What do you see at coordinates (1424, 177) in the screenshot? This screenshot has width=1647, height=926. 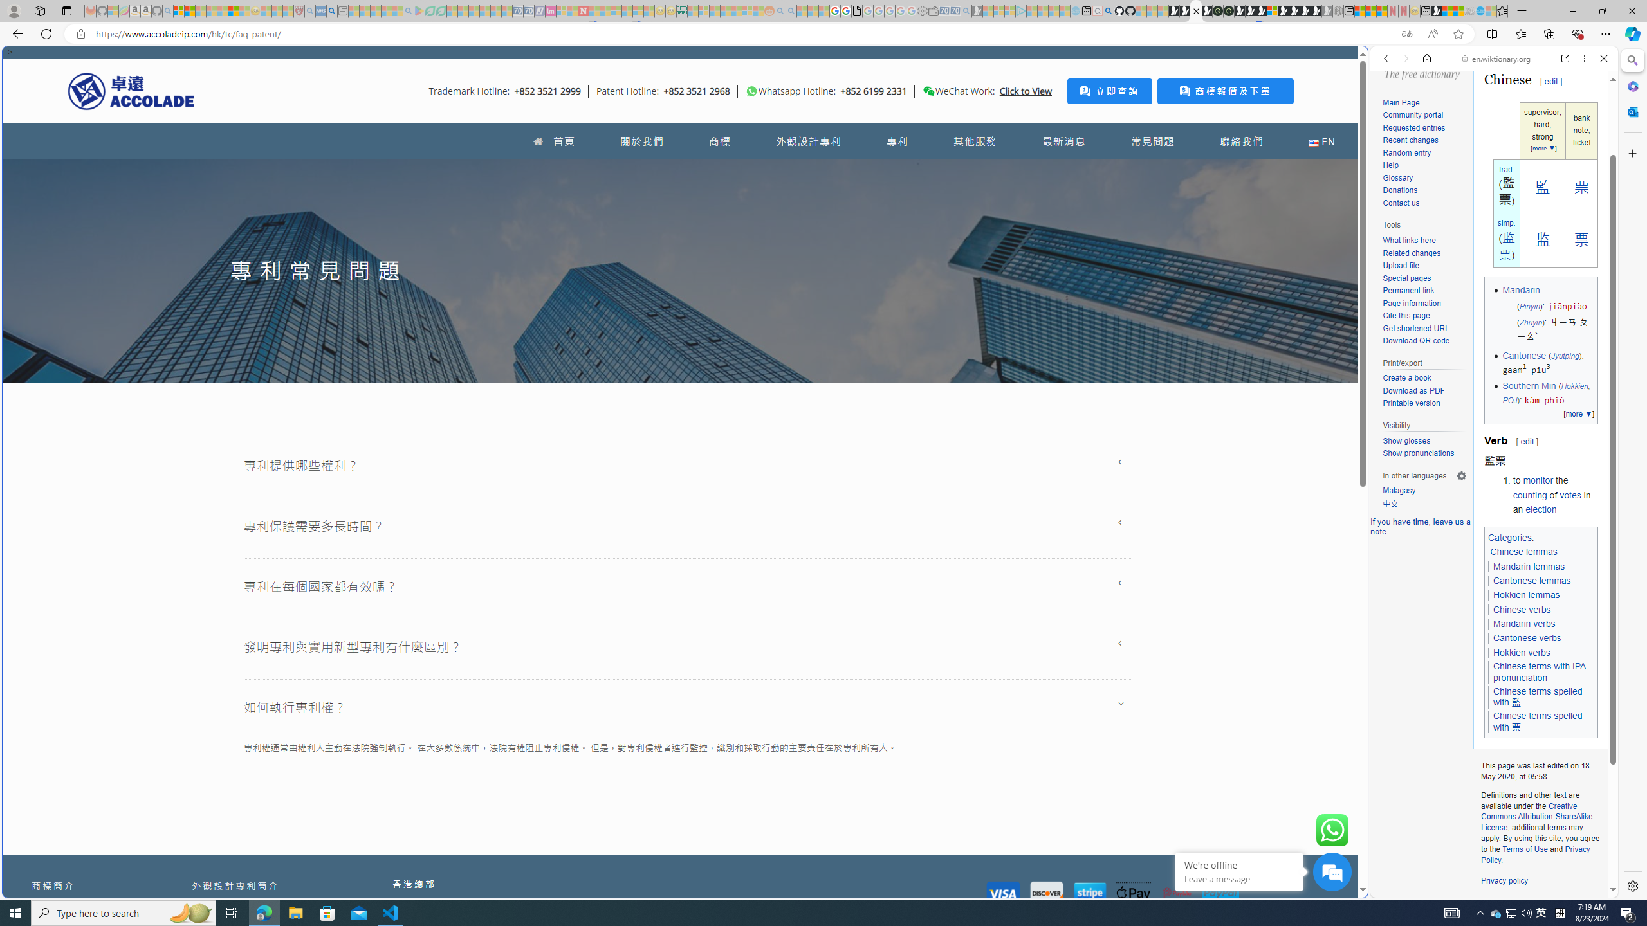 I see `'Glossary'` at bounding box center [1424, 177].